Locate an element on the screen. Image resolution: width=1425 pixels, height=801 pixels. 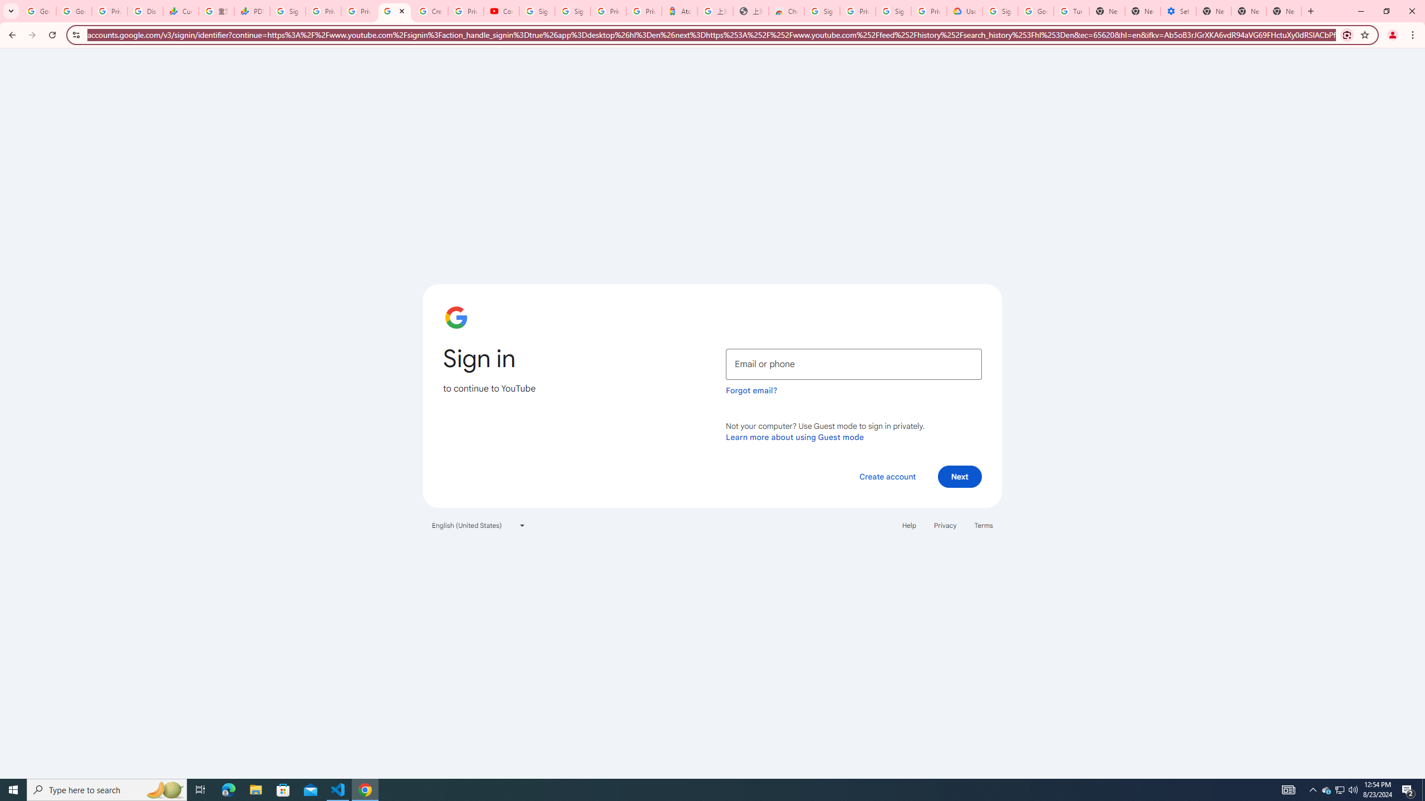
'Settings - System' is located at coordinates (1178, 11).